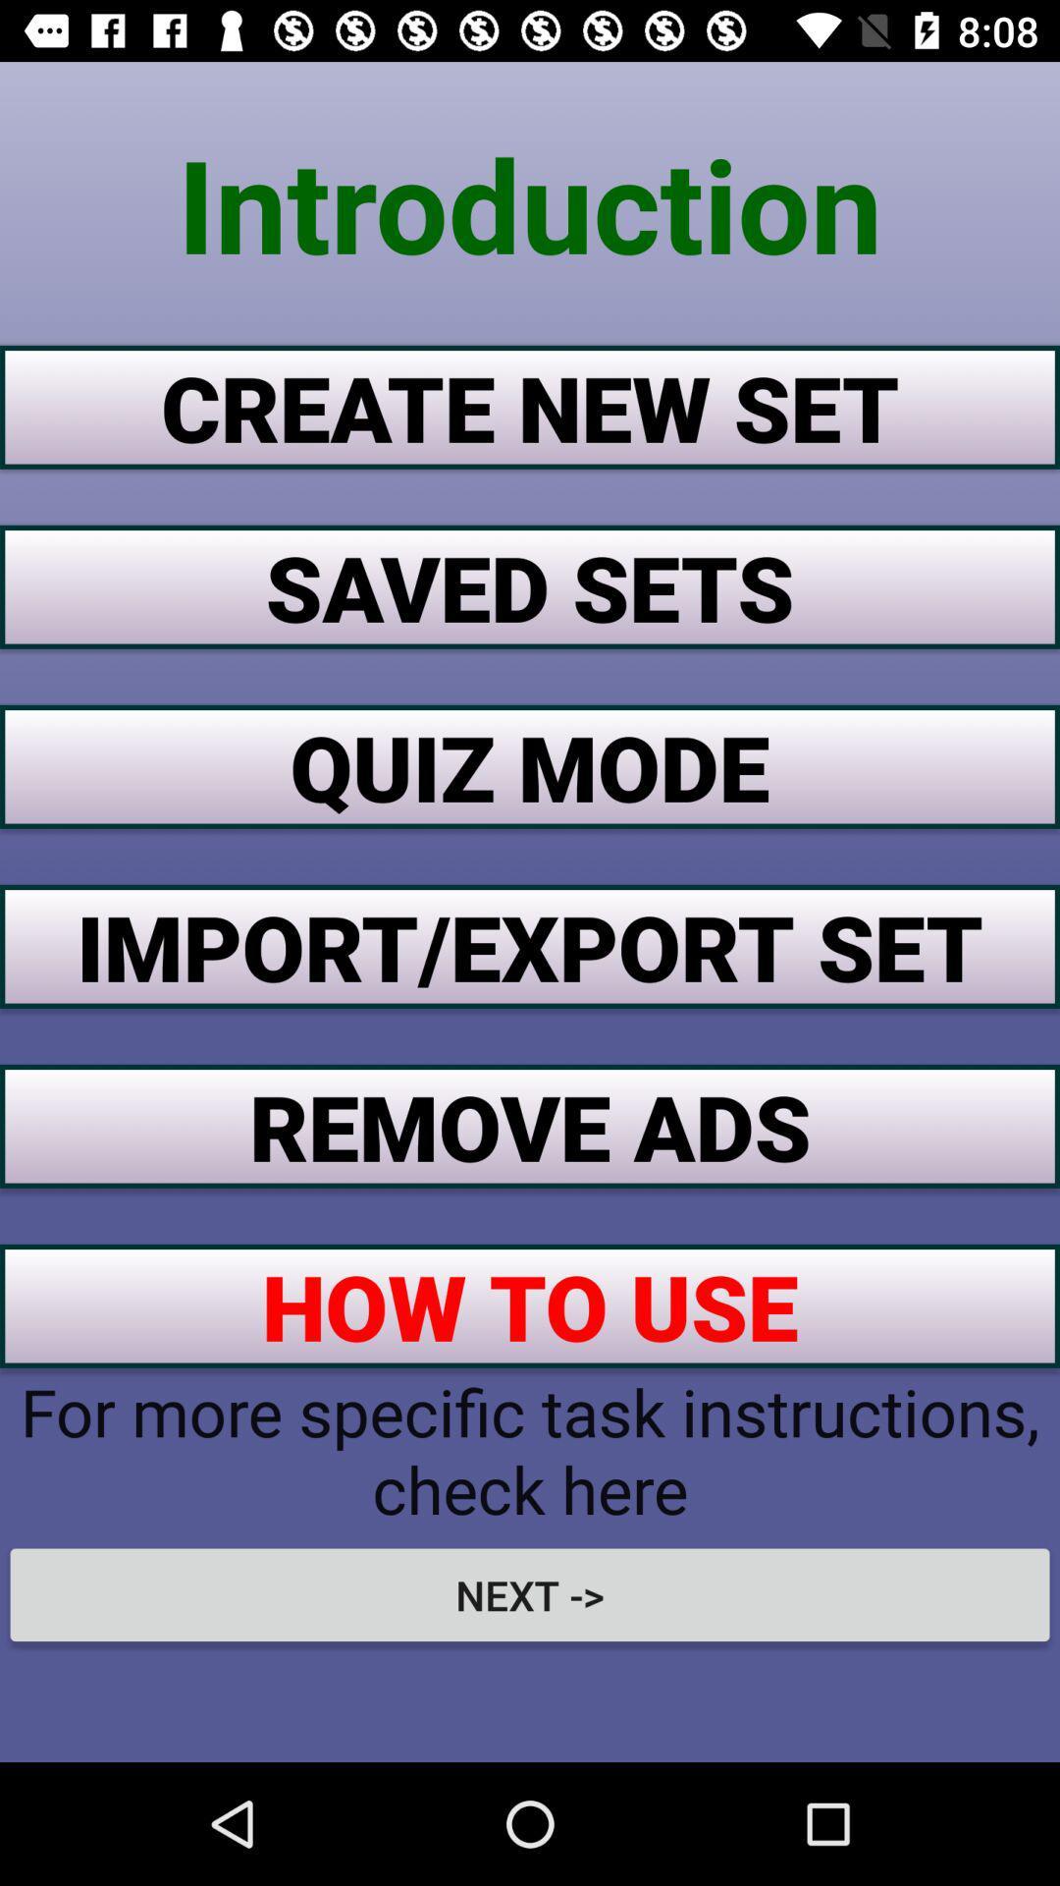 The width and height of the screenshot is (1060, 1886). I want to click on next -> button, so click(530, 1594).